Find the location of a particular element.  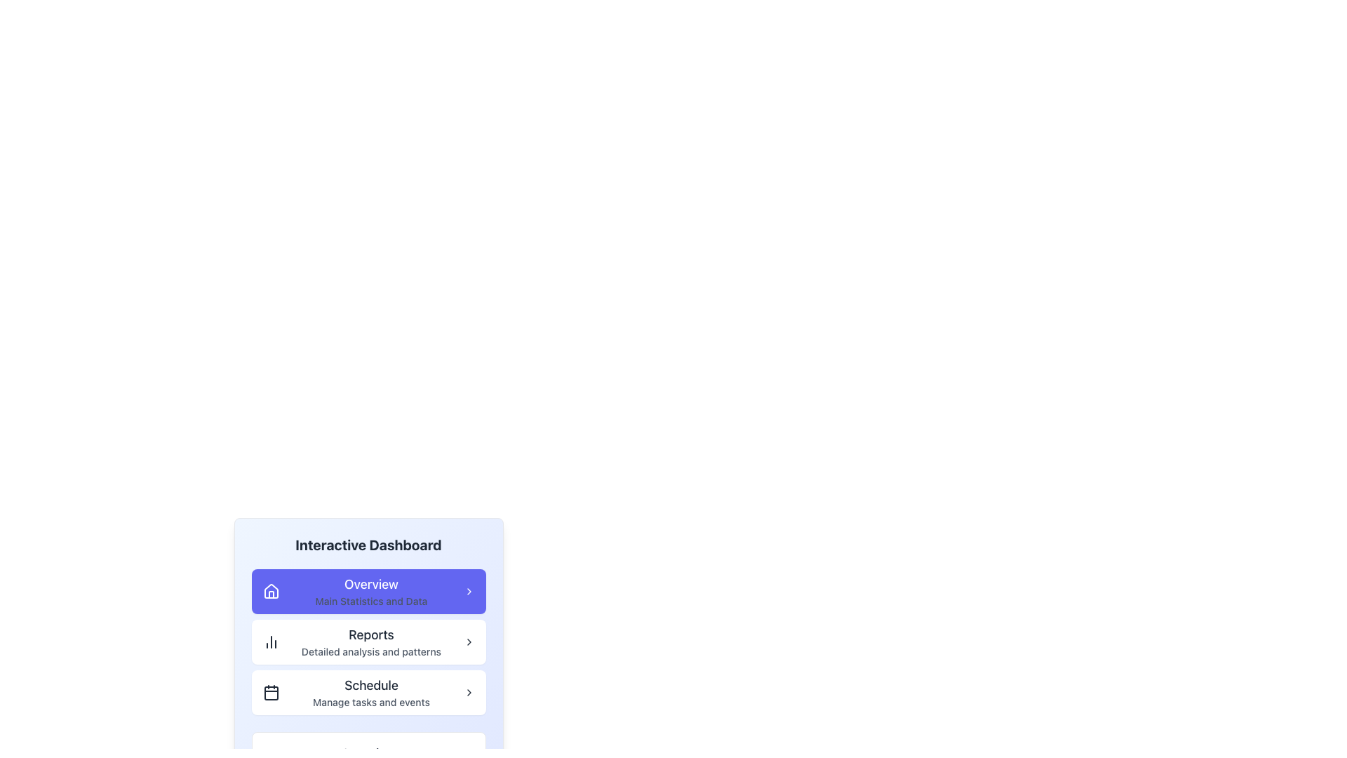

the 'Reports' section list item in the dashboard is located at coordinates (371, 641).